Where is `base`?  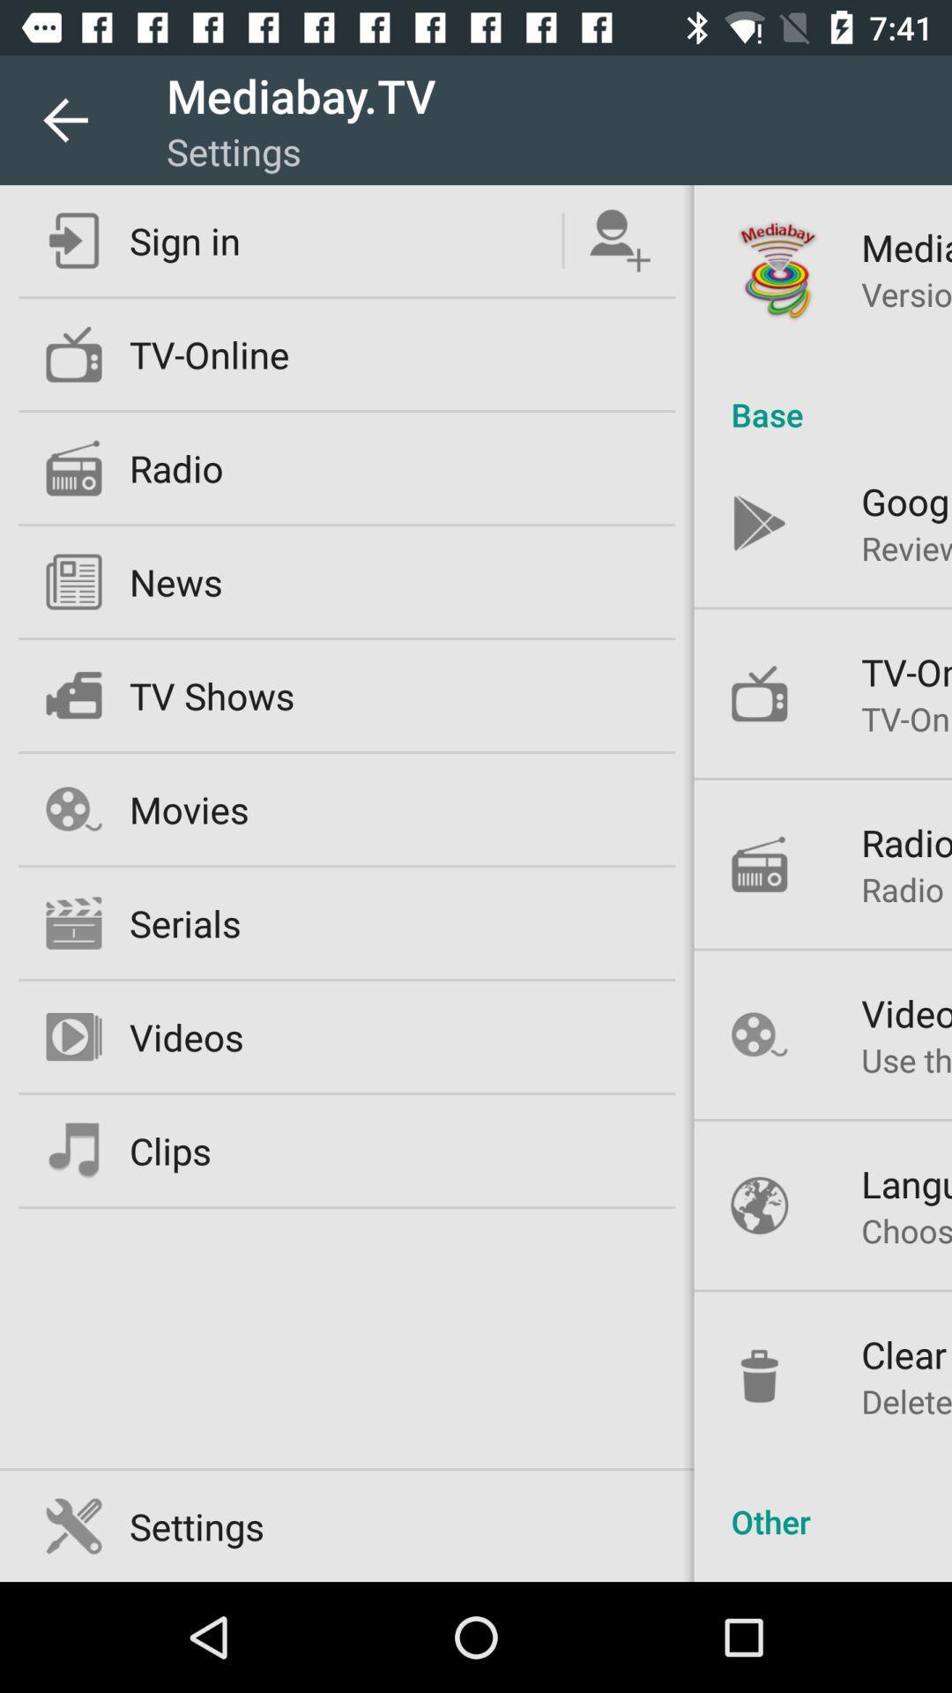 base is located at coordinates (822, 395).